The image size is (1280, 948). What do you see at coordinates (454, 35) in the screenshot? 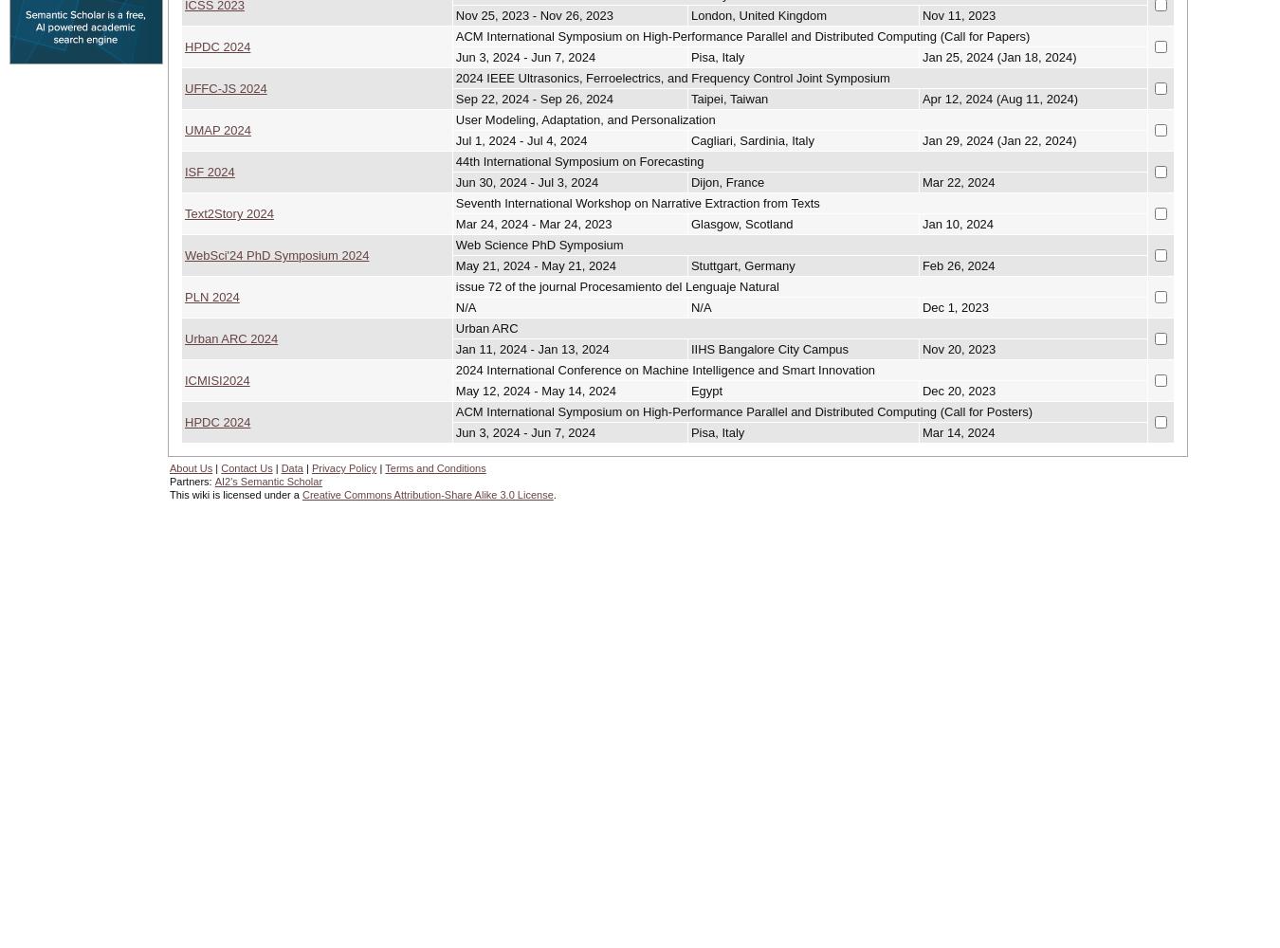
I see `'ACM International Symposium on High-Performance Parallel and Distributed Computing (Call for Papers)'` at bounding box center [454, 35].